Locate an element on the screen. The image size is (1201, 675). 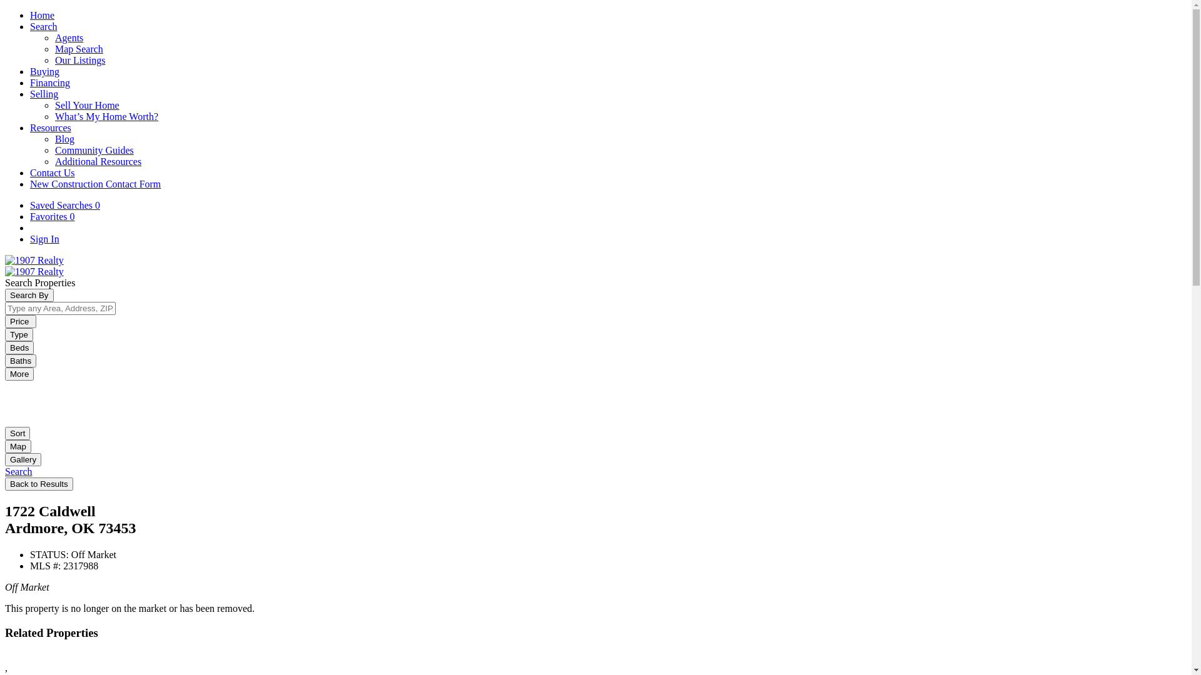
'Gallery' is located at coordinates (23, 459).